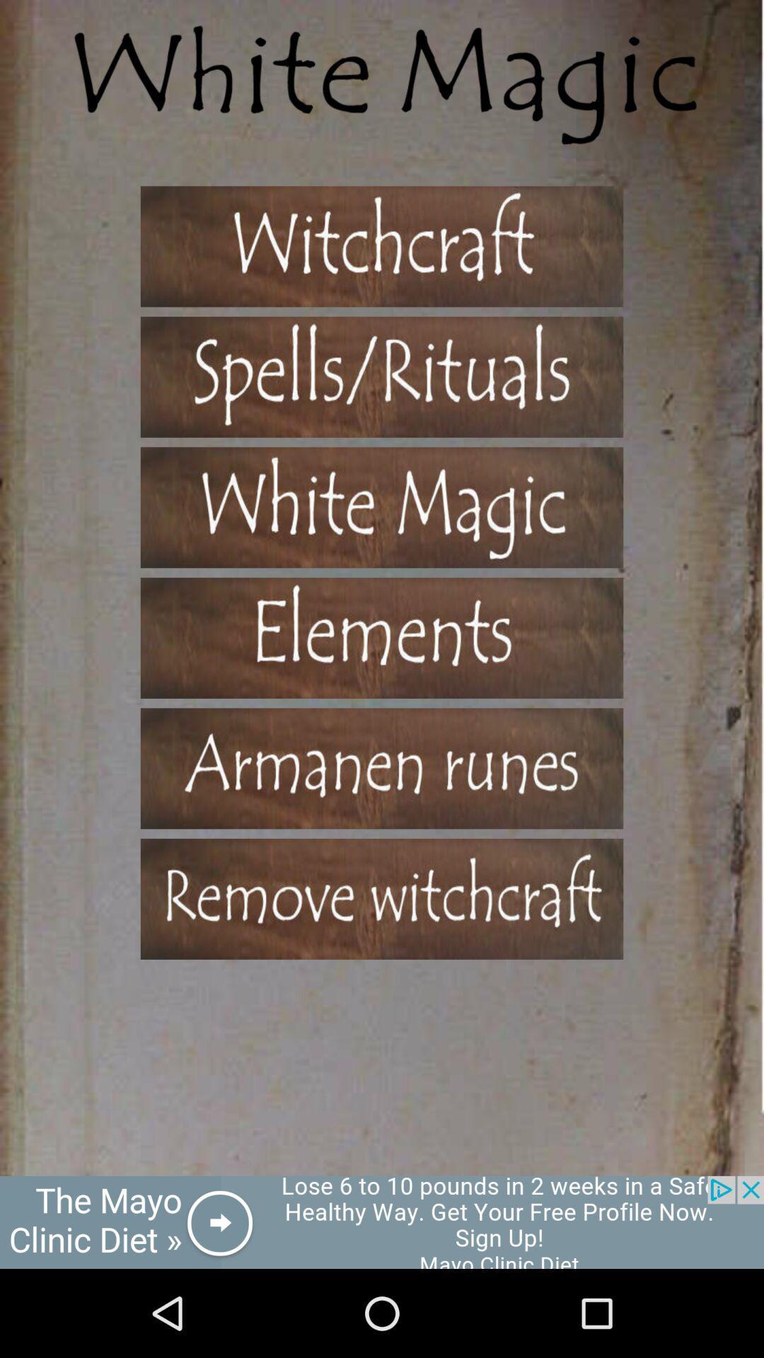 The width and height of the screenshot is (764, 1358). Describe the element at coordinates (382, 507) in the screenshot. I see `games option` at that location.